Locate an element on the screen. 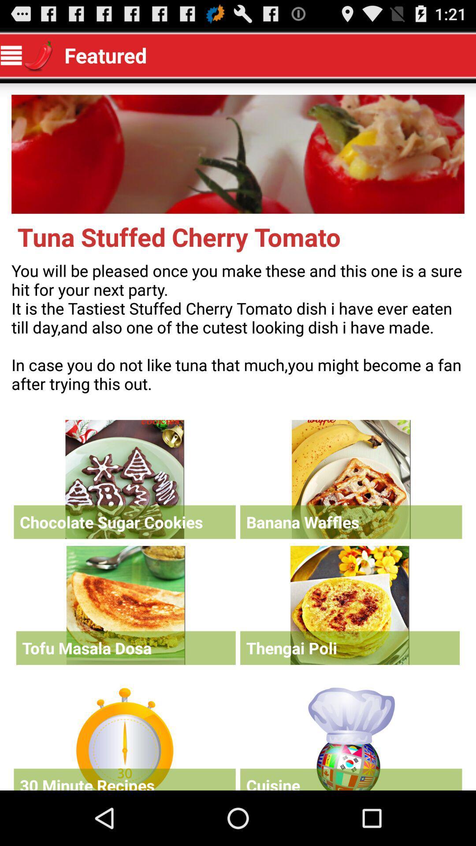 This screenshot has height=846, width=476. banana waffles is located at coordinates (350, 479).